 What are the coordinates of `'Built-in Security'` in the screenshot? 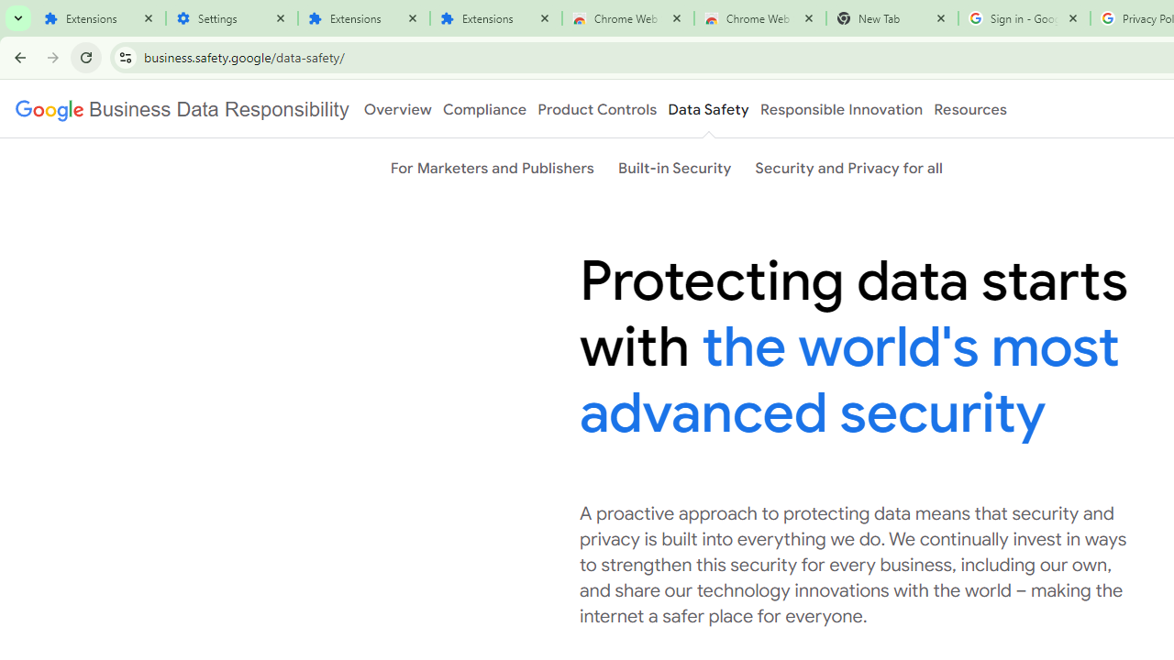 It's located at (674, 168).